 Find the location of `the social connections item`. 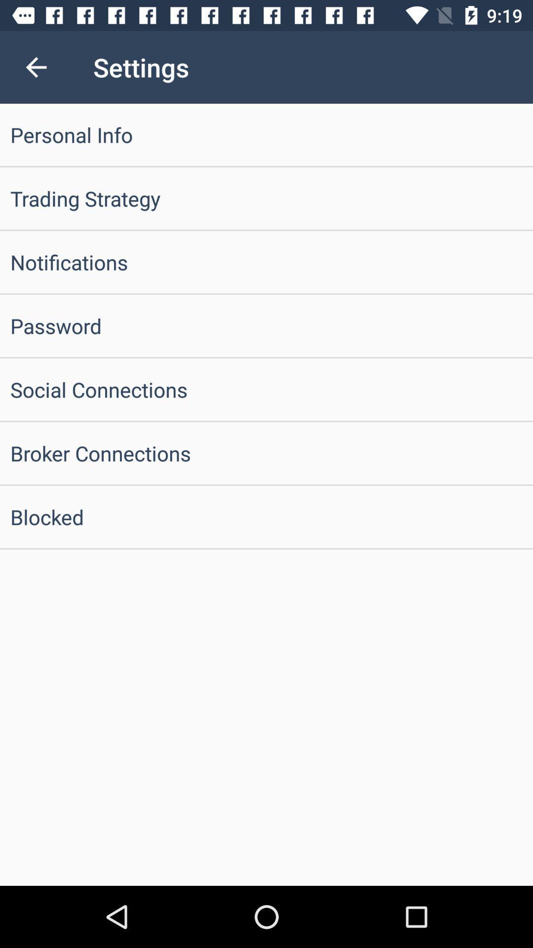

the social connections item is located at coordinates (266, 389).